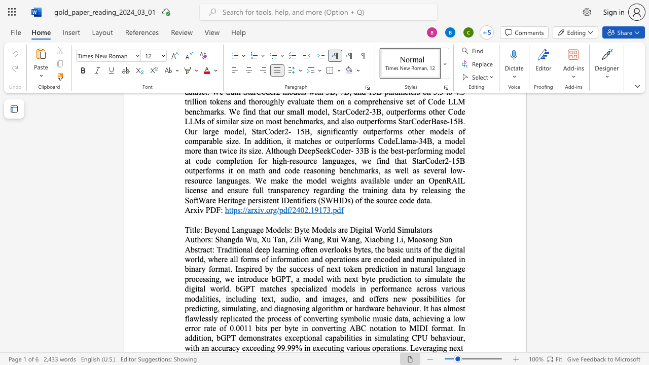  I want to click on the space between the continuous character "a" and "n" in the text, so click(204, 347).